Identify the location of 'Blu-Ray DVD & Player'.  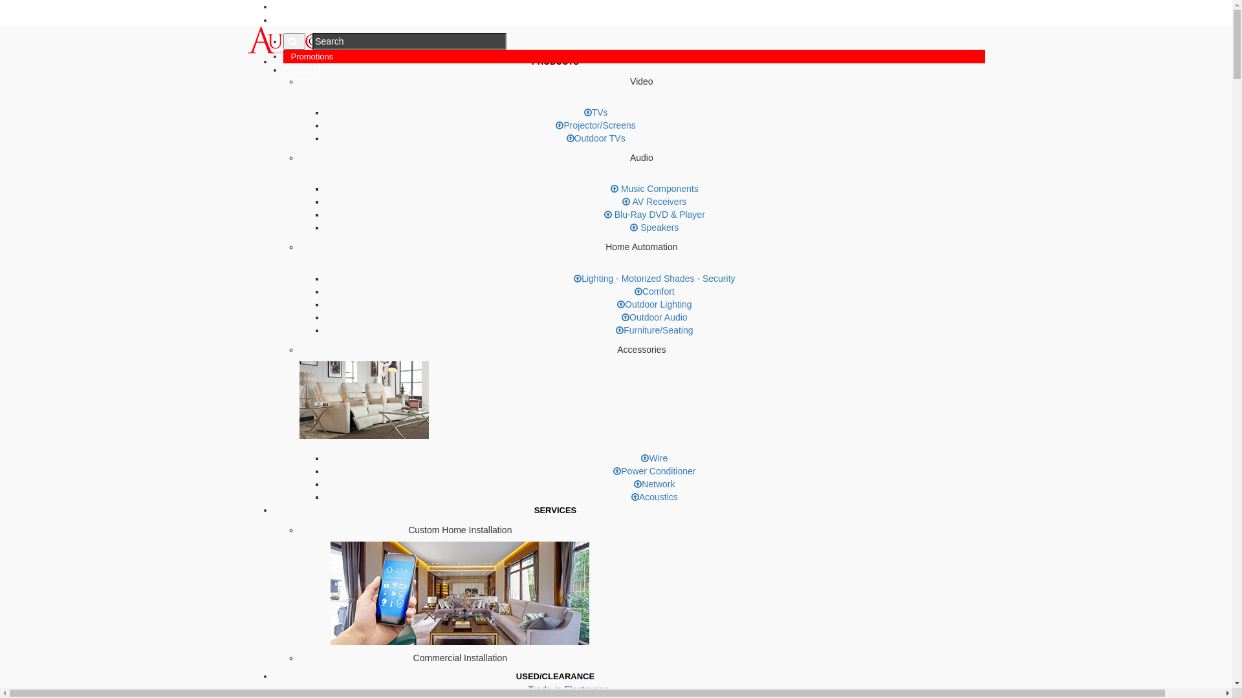
(655, 213).